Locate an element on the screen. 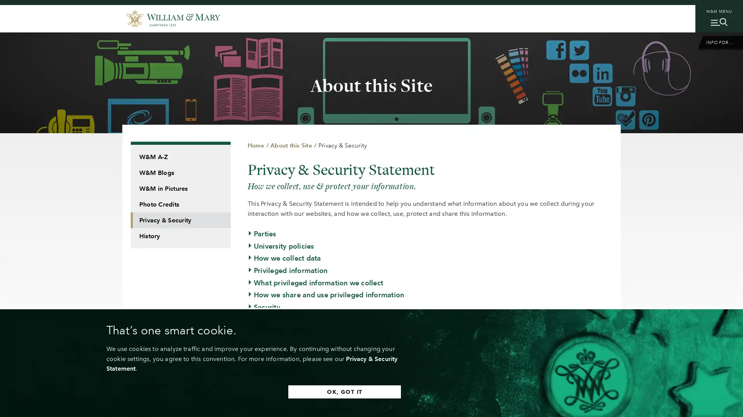  Links to other websites is located at coordinates (288, 319).